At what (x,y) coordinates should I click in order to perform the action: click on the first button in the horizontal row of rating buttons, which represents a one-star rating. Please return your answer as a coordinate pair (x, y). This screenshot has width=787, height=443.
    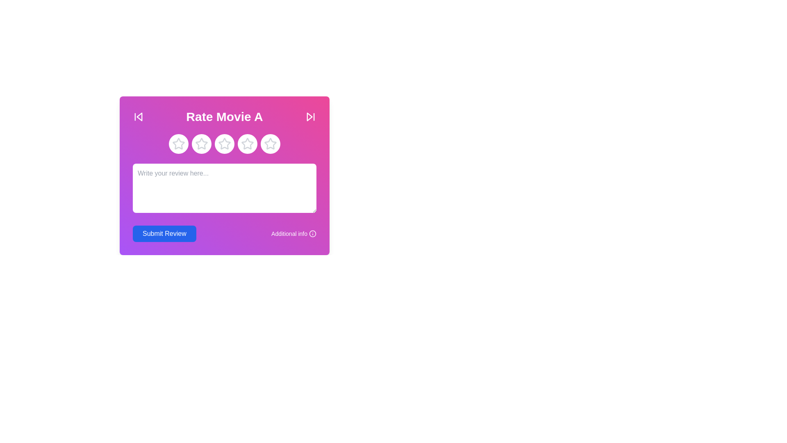
    Looking at the image, I should click on (178, 144).